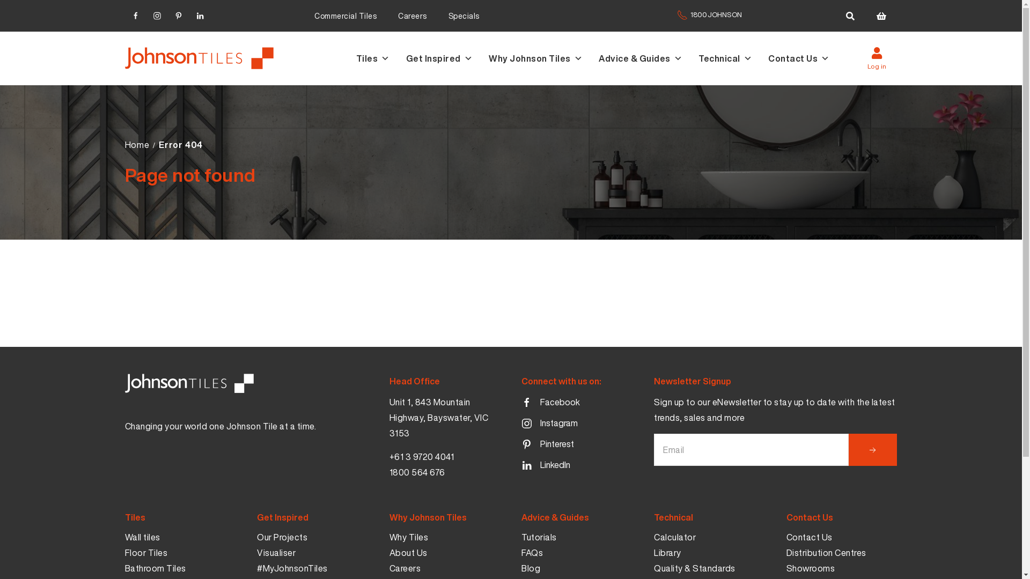 This screenshot has height=579, width=1030. Describe the element at coordinates (653, 553) in the screenshot. I see `'Library'` at that location.